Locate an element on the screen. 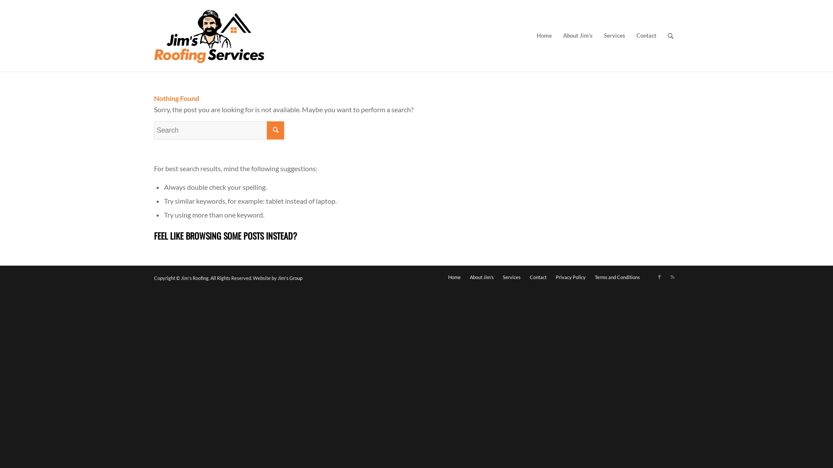 The height and width of the screenshot is (468, 833). 'Contact' is located at coordinates (538, 277).